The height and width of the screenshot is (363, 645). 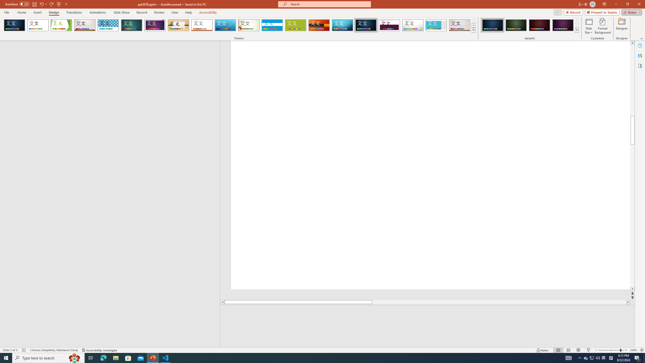 What do you see at coordinates (413, 25) in the screenshot?
I see `'Droplet'` at bounding box center [413, 25].